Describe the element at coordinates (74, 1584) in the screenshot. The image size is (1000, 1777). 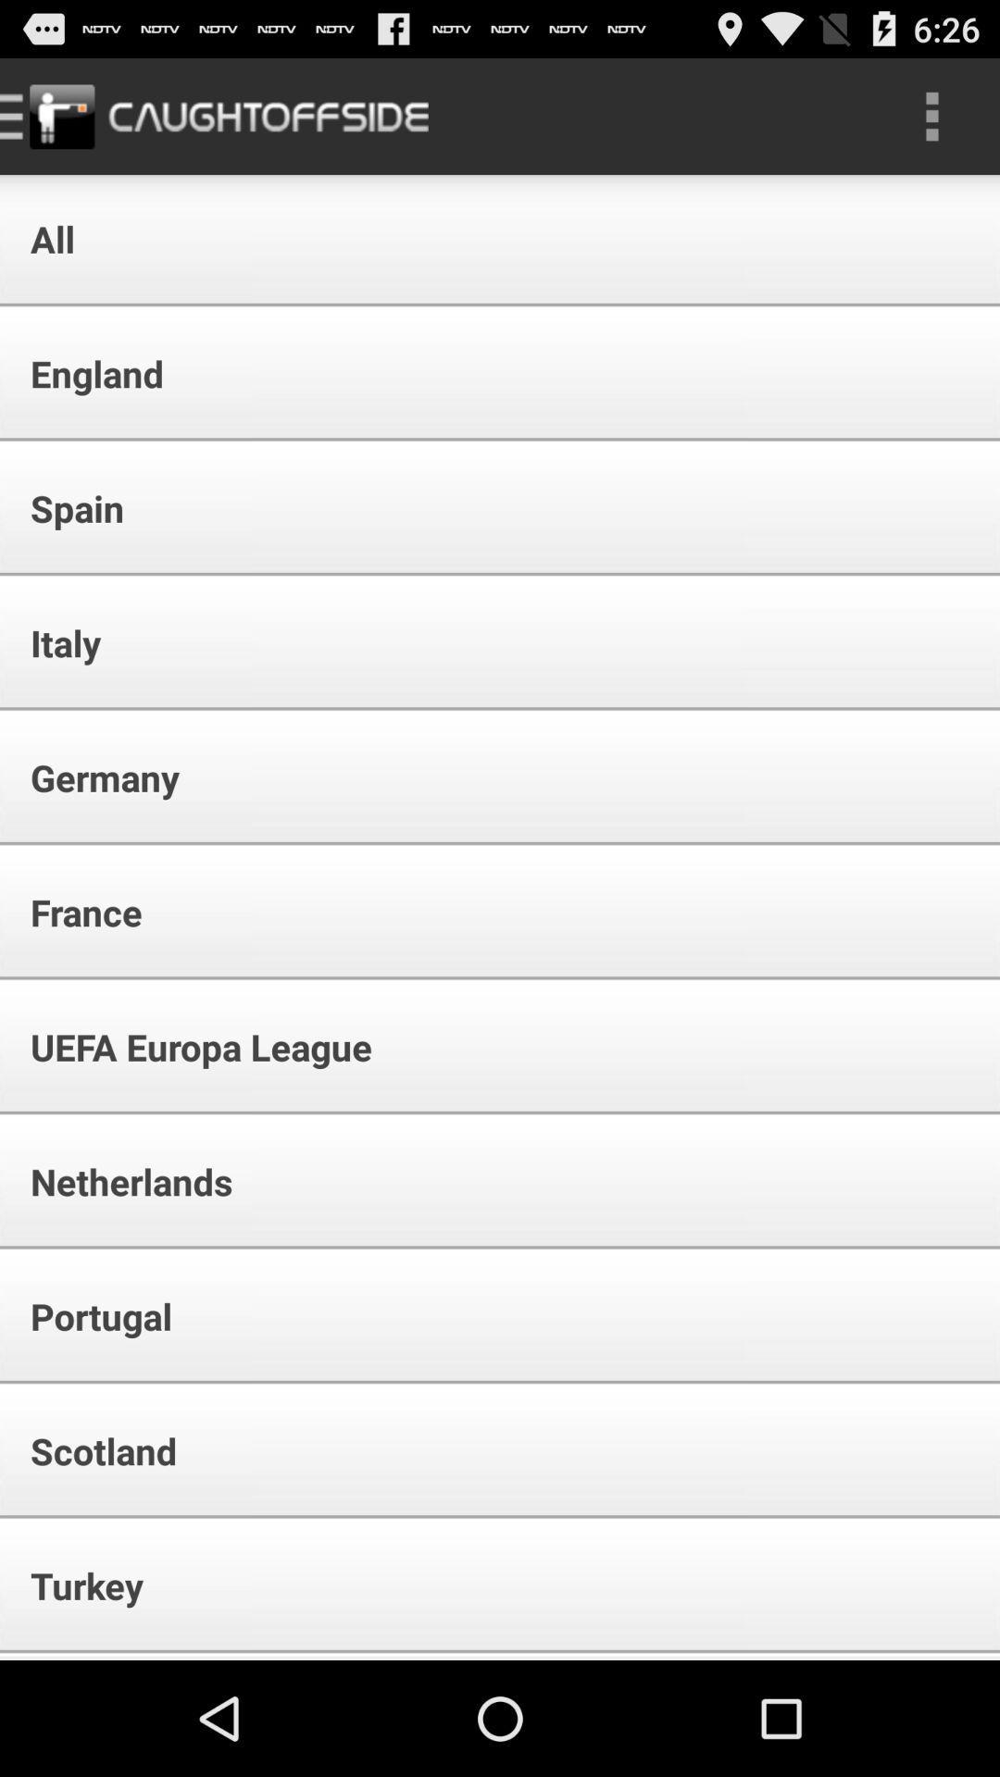
I see `the turkey icon` at that location.